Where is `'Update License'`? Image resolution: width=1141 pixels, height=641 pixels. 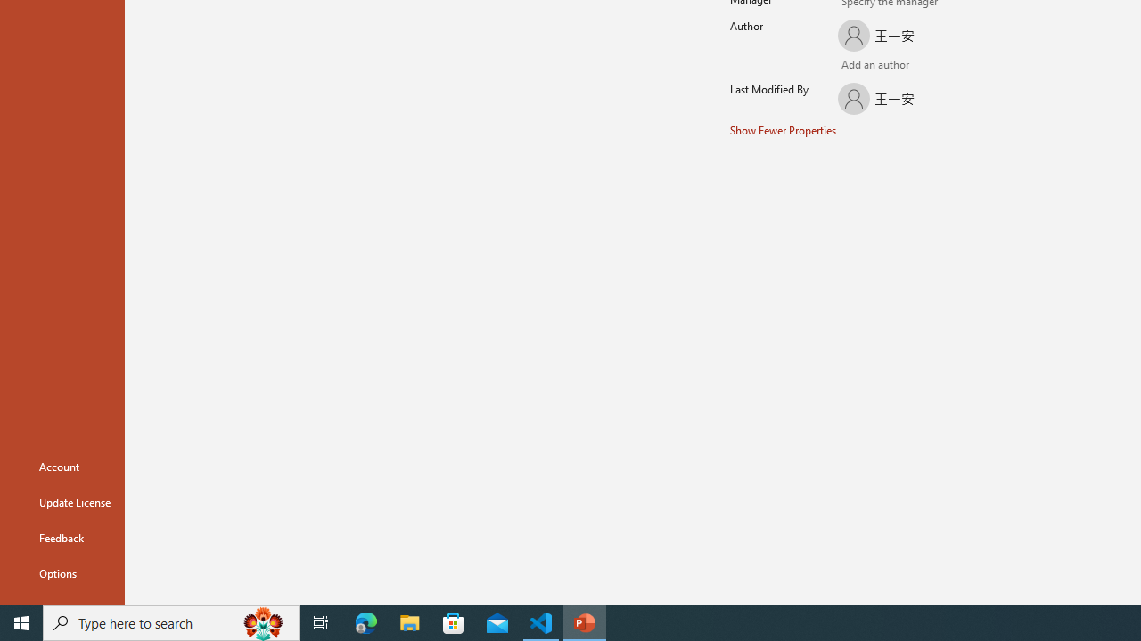
'Update License' is located at coordinates (62, 502).